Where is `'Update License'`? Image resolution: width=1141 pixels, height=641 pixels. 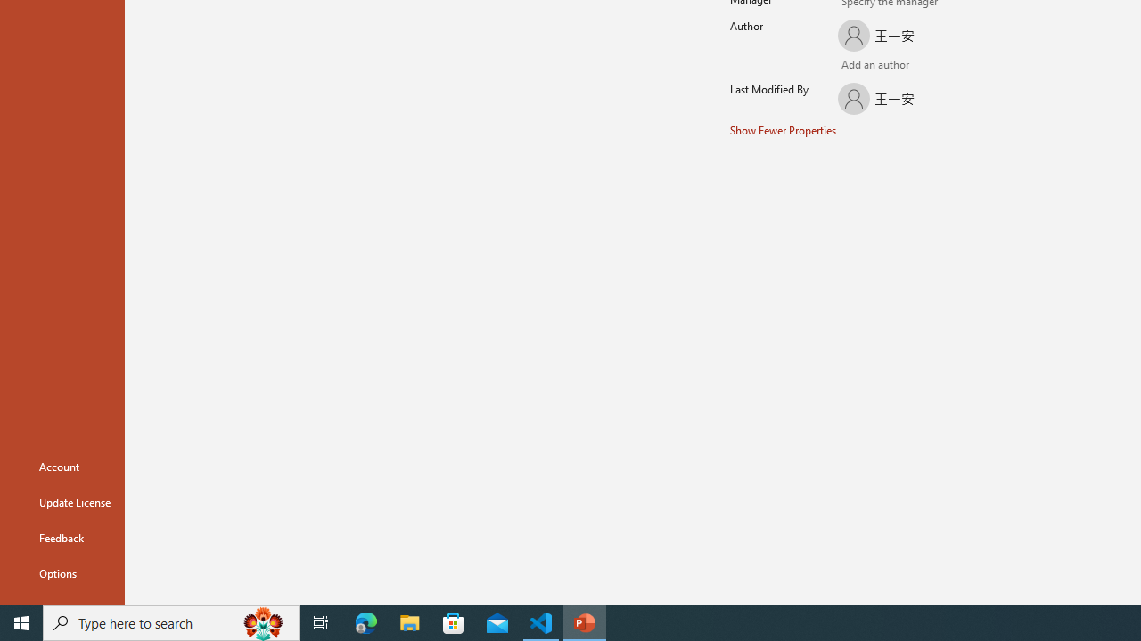
'Update License' is located at coordinates (62, 502).